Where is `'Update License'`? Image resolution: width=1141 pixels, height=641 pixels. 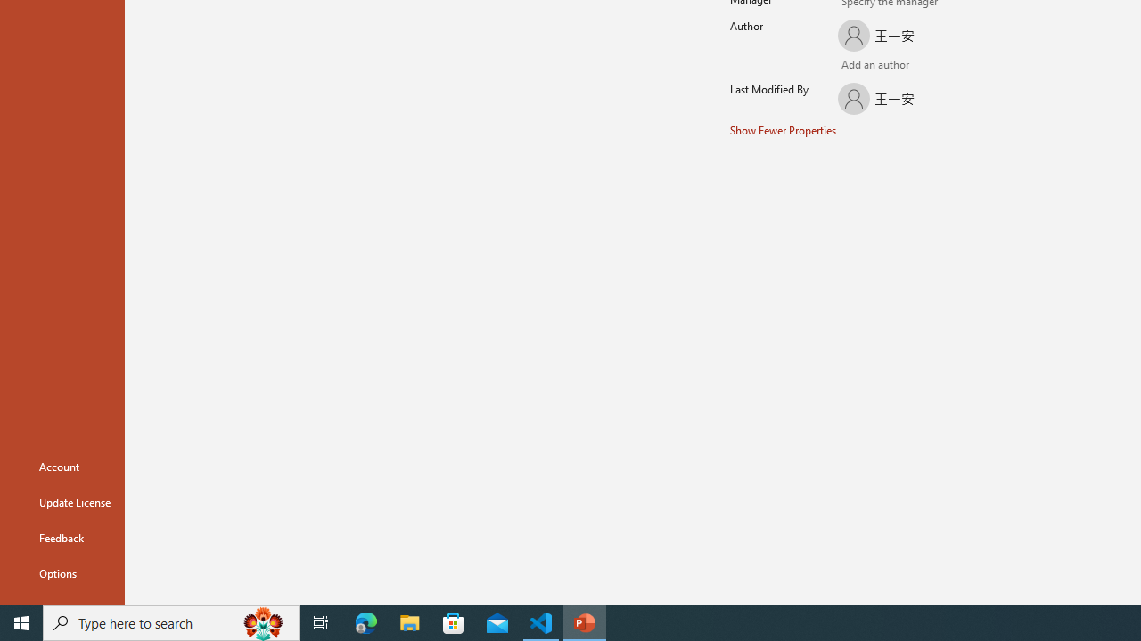
'Update License' is located at coordinates (62, 502).